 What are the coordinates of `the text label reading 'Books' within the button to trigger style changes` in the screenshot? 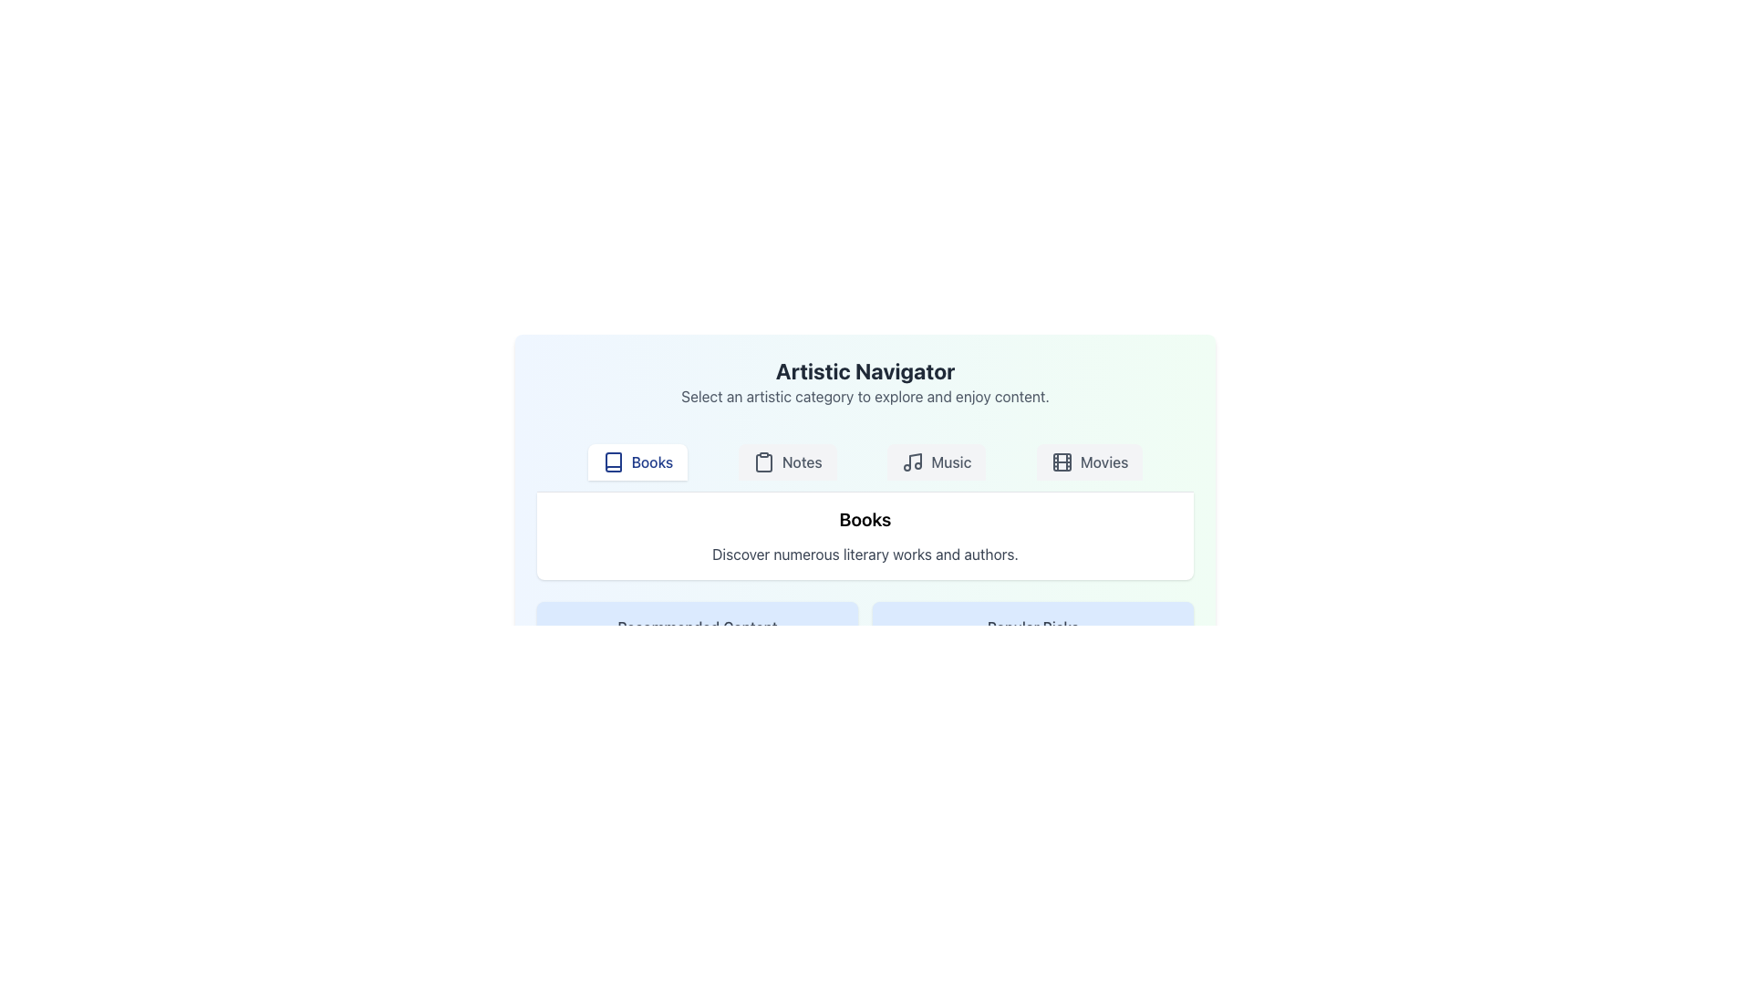 It's located at (652, 461).